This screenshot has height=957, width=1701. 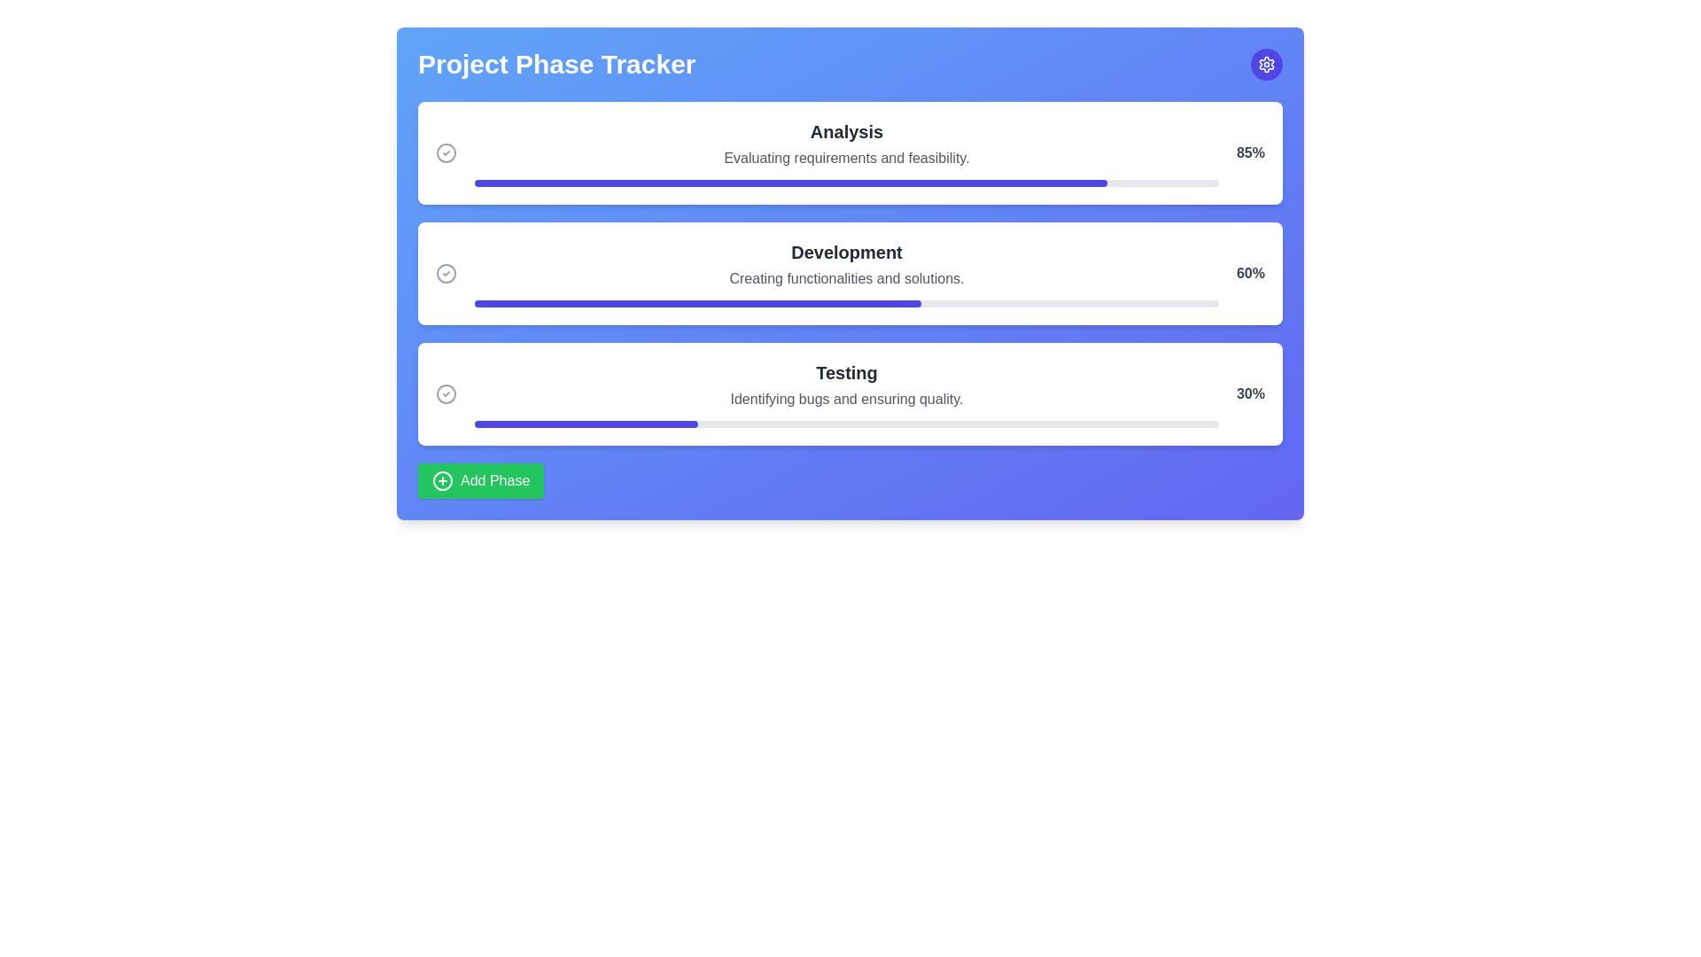 What do you see at coordinates (447, 152) in the screenshot?
I see `the Circle Check icon located to the left of the 'Analysis' section header to observe cascading effects on related elements` at bounding box center [447, 152].